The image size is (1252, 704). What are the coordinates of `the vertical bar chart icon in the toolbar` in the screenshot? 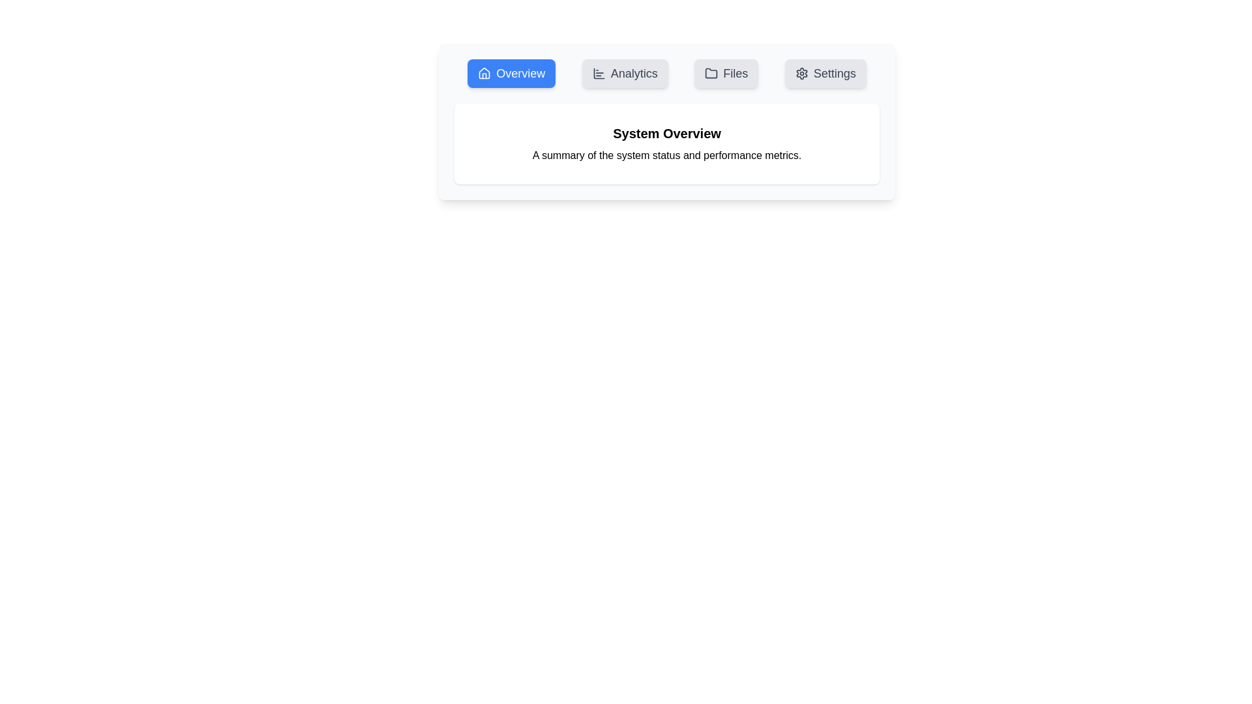 It's located at (598, 73).